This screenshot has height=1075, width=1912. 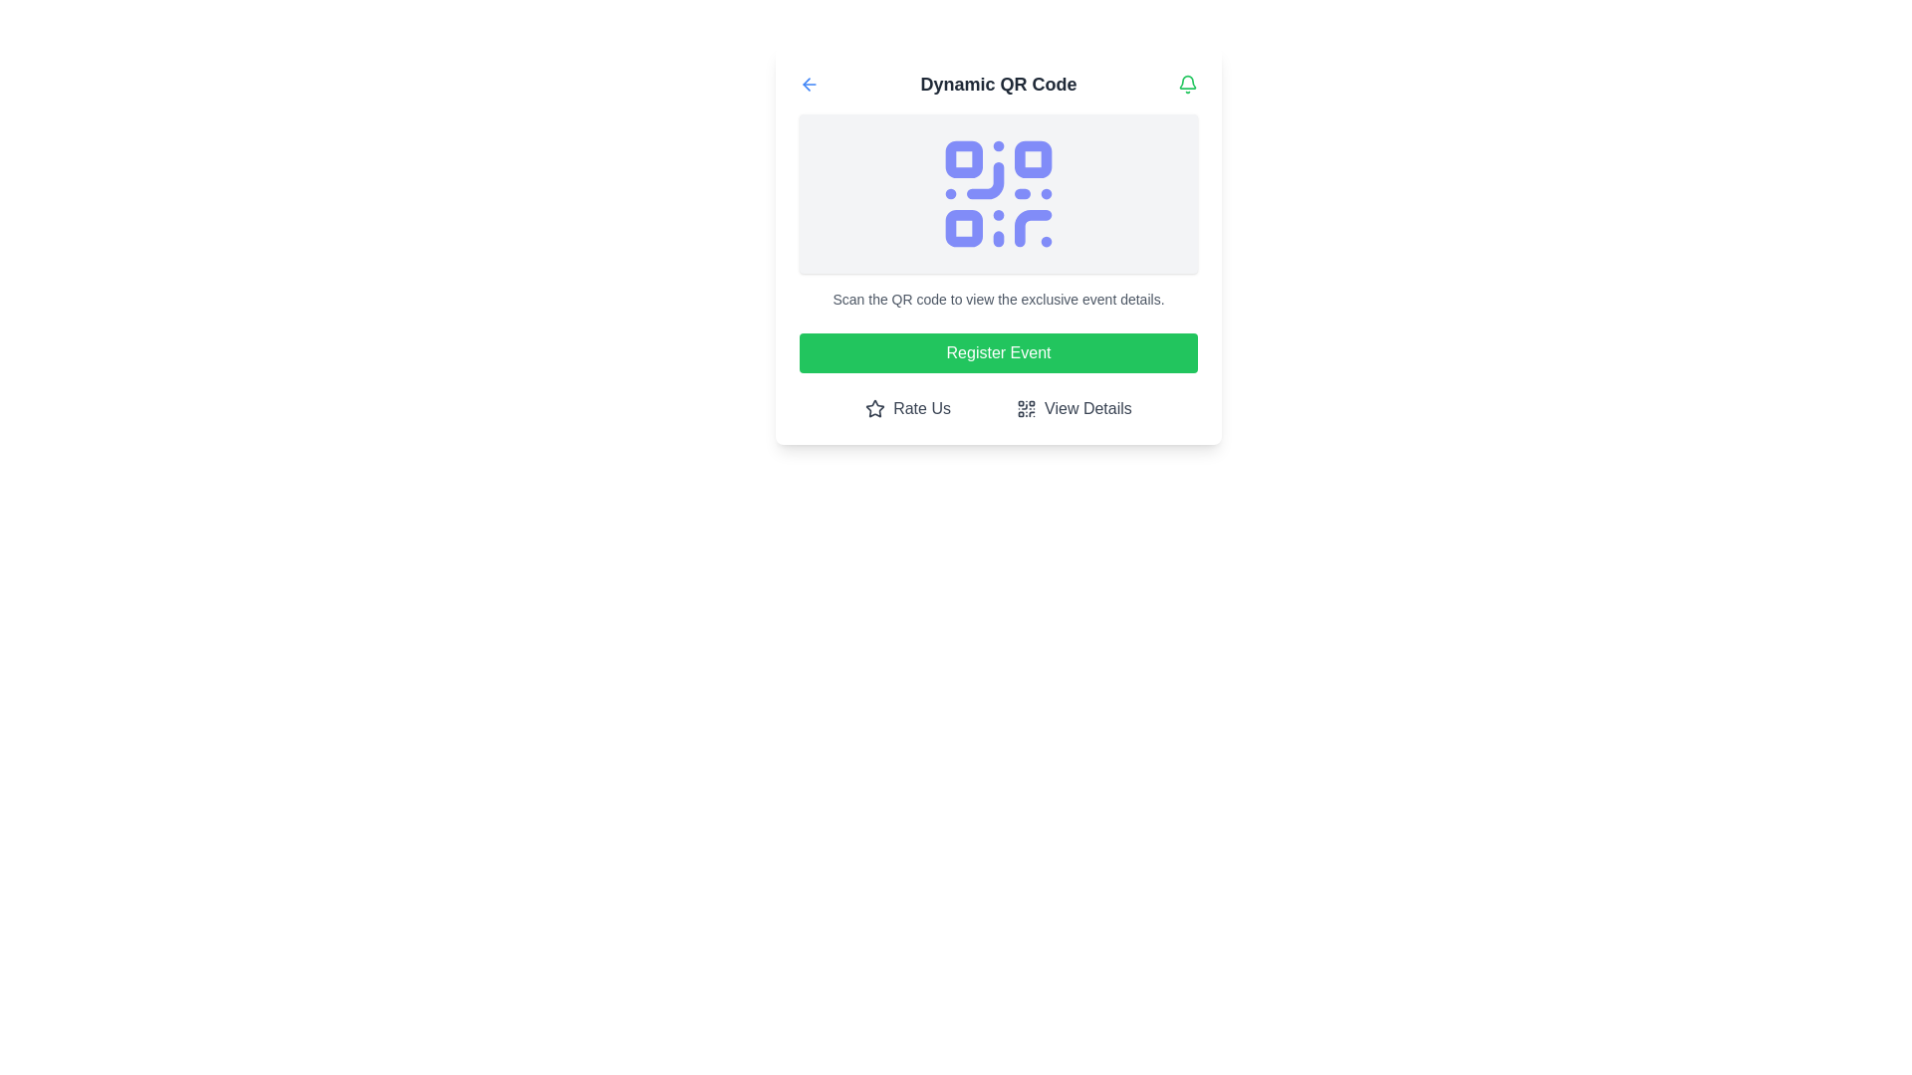 What do you see at coordinates (999, 83) in the screenshot?
I see `the text label displaying 'Dynamic QR Code' which is styled in bold and dark gray, located between a blue arrow icon and a green bell icon` at bounding box center [999, 83].